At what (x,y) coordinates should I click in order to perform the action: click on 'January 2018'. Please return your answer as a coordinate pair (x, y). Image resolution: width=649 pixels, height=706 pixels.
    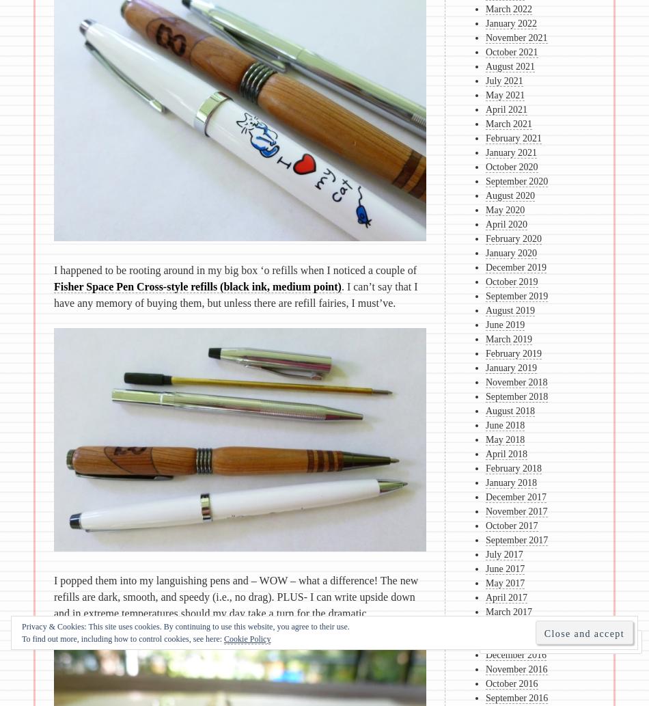
    Looking at the image, I should click on (485, 483).